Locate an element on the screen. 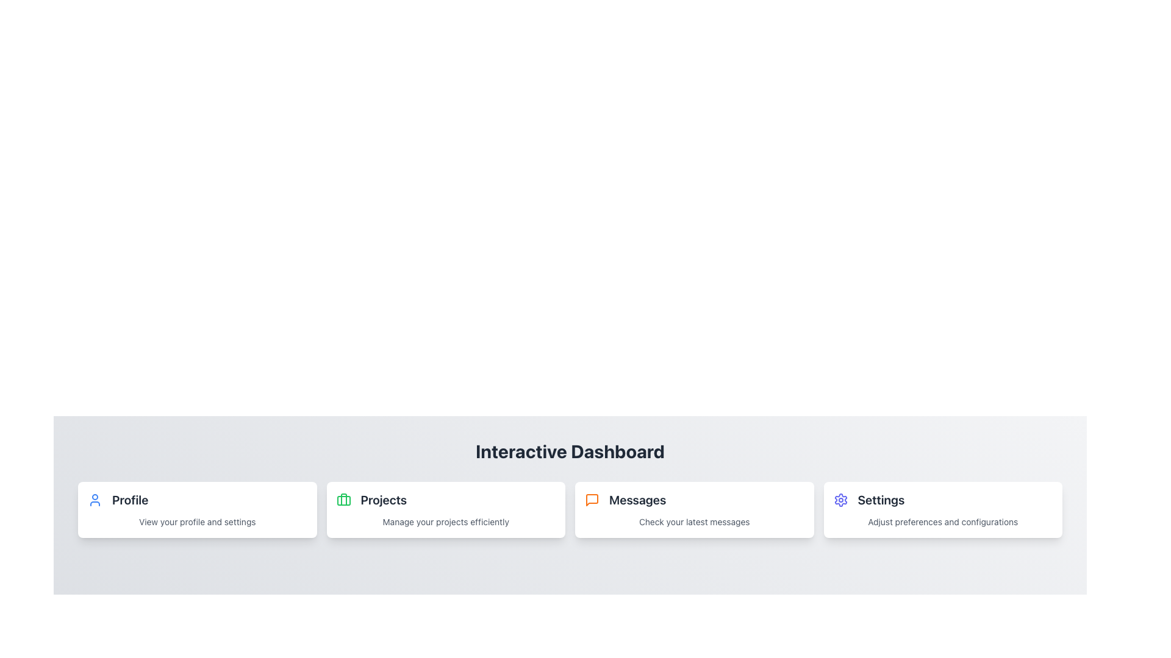  the text label indicating the settings section, which is positioned in the rightmost column of a horizontally aligned set of cards, following a graphical icon is located at coordinates (881, 500).